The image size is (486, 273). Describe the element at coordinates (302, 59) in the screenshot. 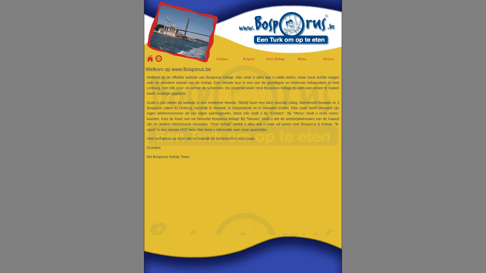

I see `'Menu'` at that location.